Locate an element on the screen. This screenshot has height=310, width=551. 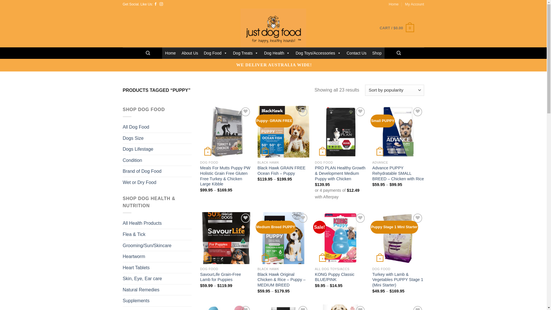
'Wet or Dry Food' is located at coordinates (139, 183).